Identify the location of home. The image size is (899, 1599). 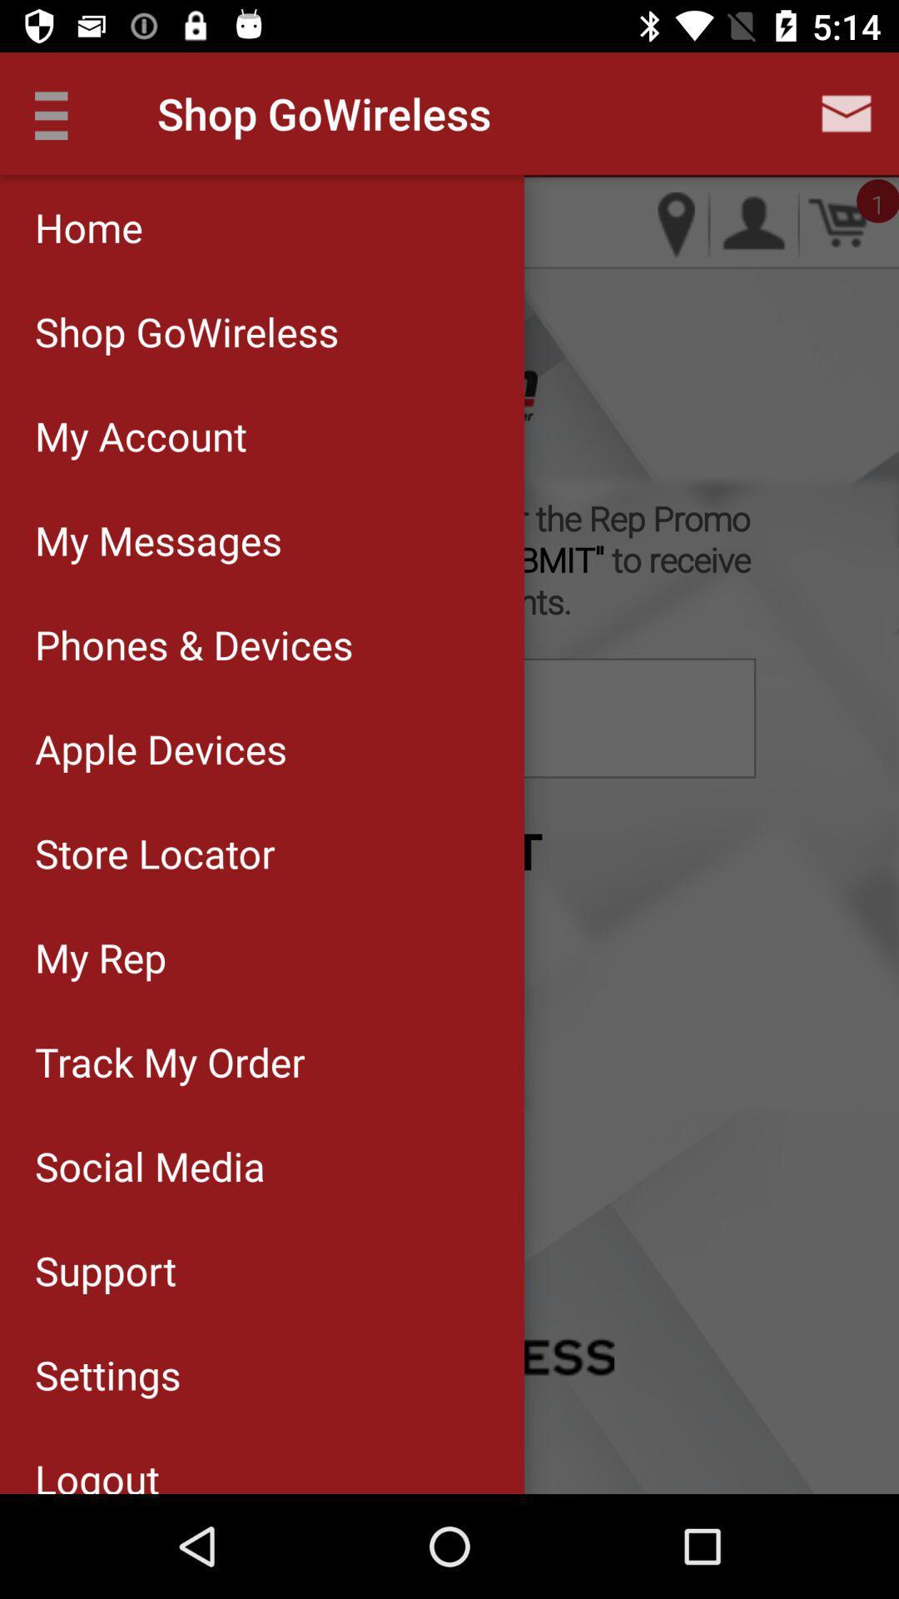
(262, 227).